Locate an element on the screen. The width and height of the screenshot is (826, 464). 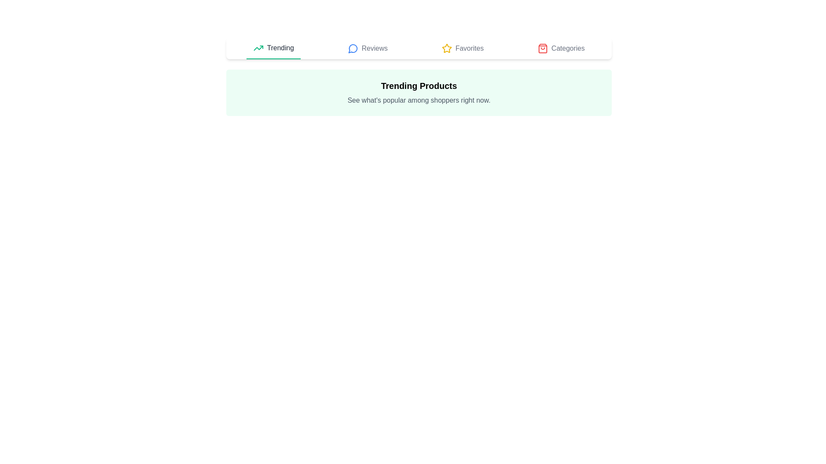
the star-shaped icon with a yellow outline to mark an item as a favorite, located in the 'Favorites' button group on the top navigation bar is located at coordinates (447, 48).